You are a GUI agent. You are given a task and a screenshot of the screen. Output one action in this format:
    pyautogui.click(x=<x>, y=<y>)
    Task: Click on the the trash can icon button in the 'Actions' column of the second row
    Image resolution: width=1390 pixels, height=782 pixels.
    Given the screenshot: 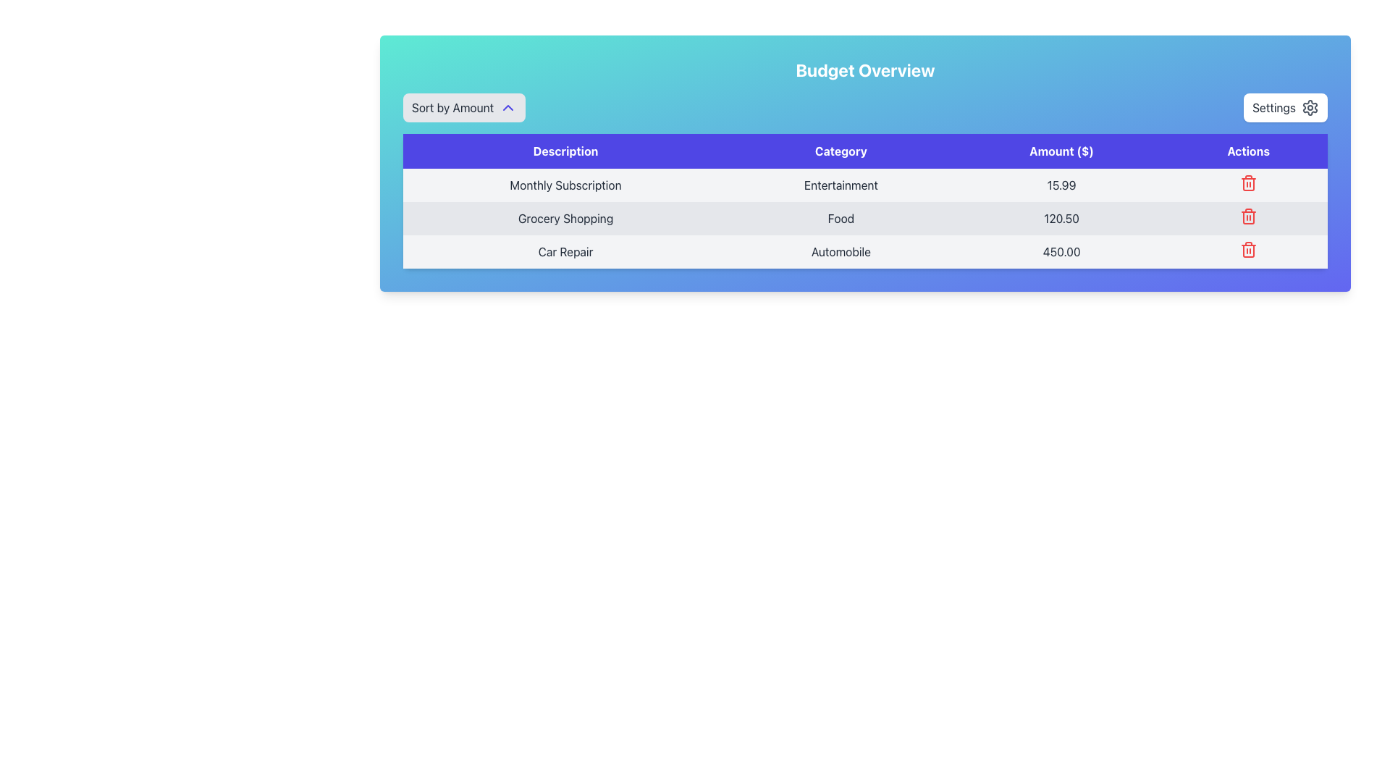 What is the action you would take?
    pyautogui.click(x=1247, y=217)
    